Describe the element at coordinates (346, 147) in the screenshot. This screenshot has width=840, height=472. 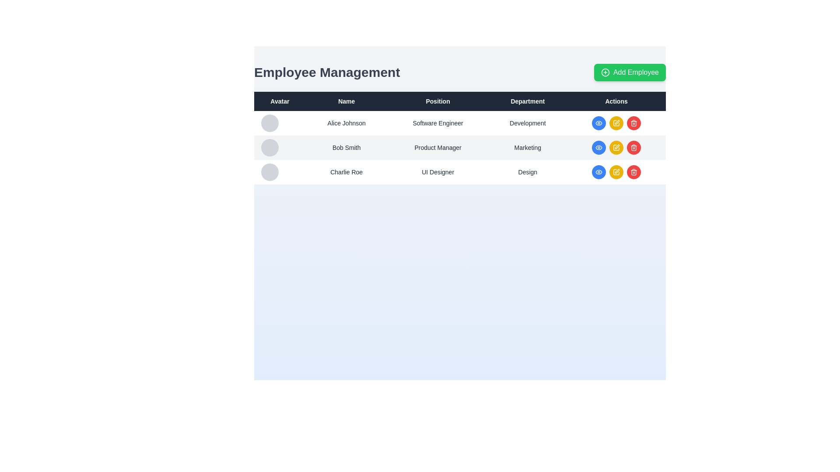
I see `the text element displaying 'Bob Smith' in the second row of the employee management table under the 'Name' column` at that location.